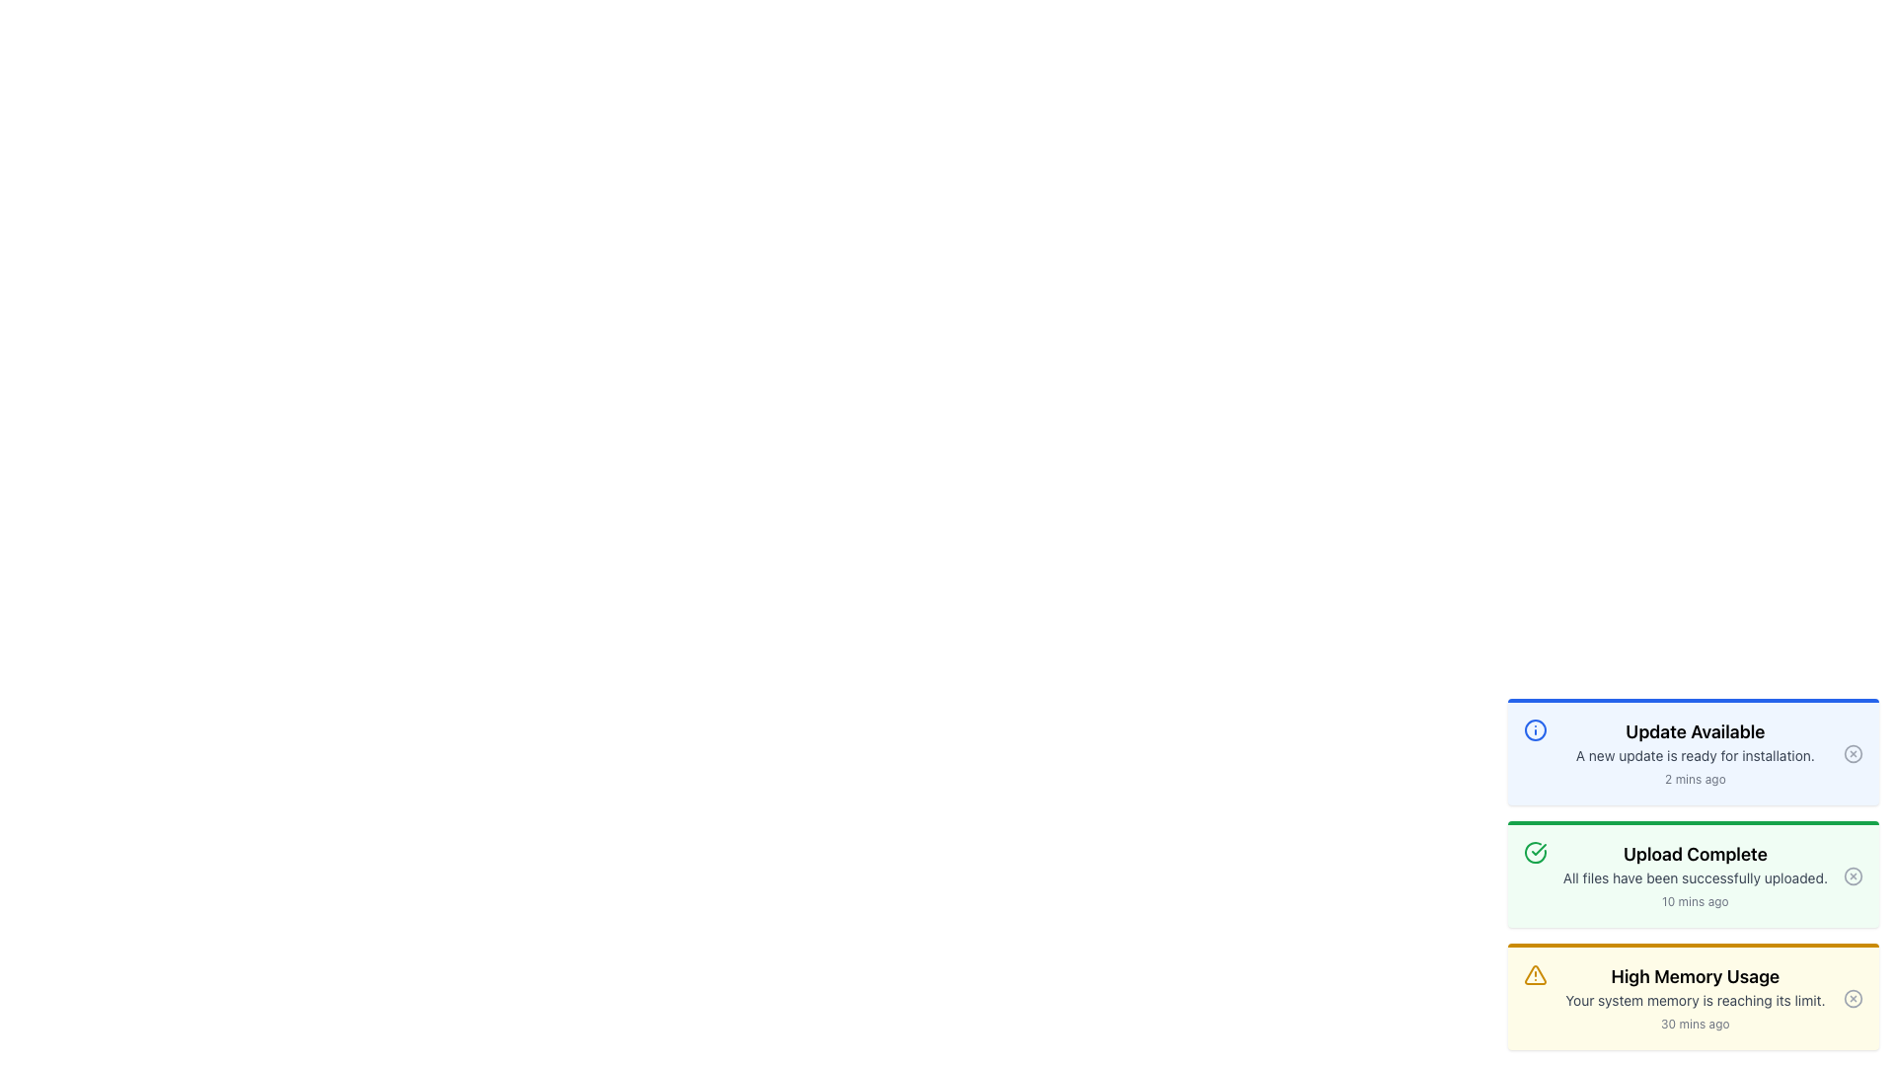  I want to click on the Notification card that informs the user about high memory usage, which is the third alert in the list of notifications, so click(1694, 998).